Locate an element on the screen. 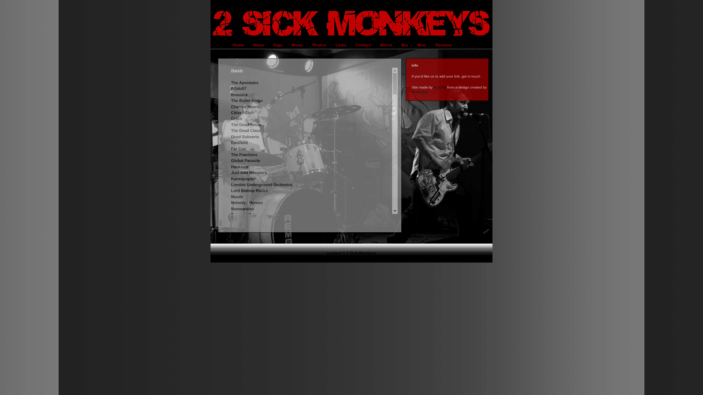  'Rash Decision' is located at coordinates (245, 226).